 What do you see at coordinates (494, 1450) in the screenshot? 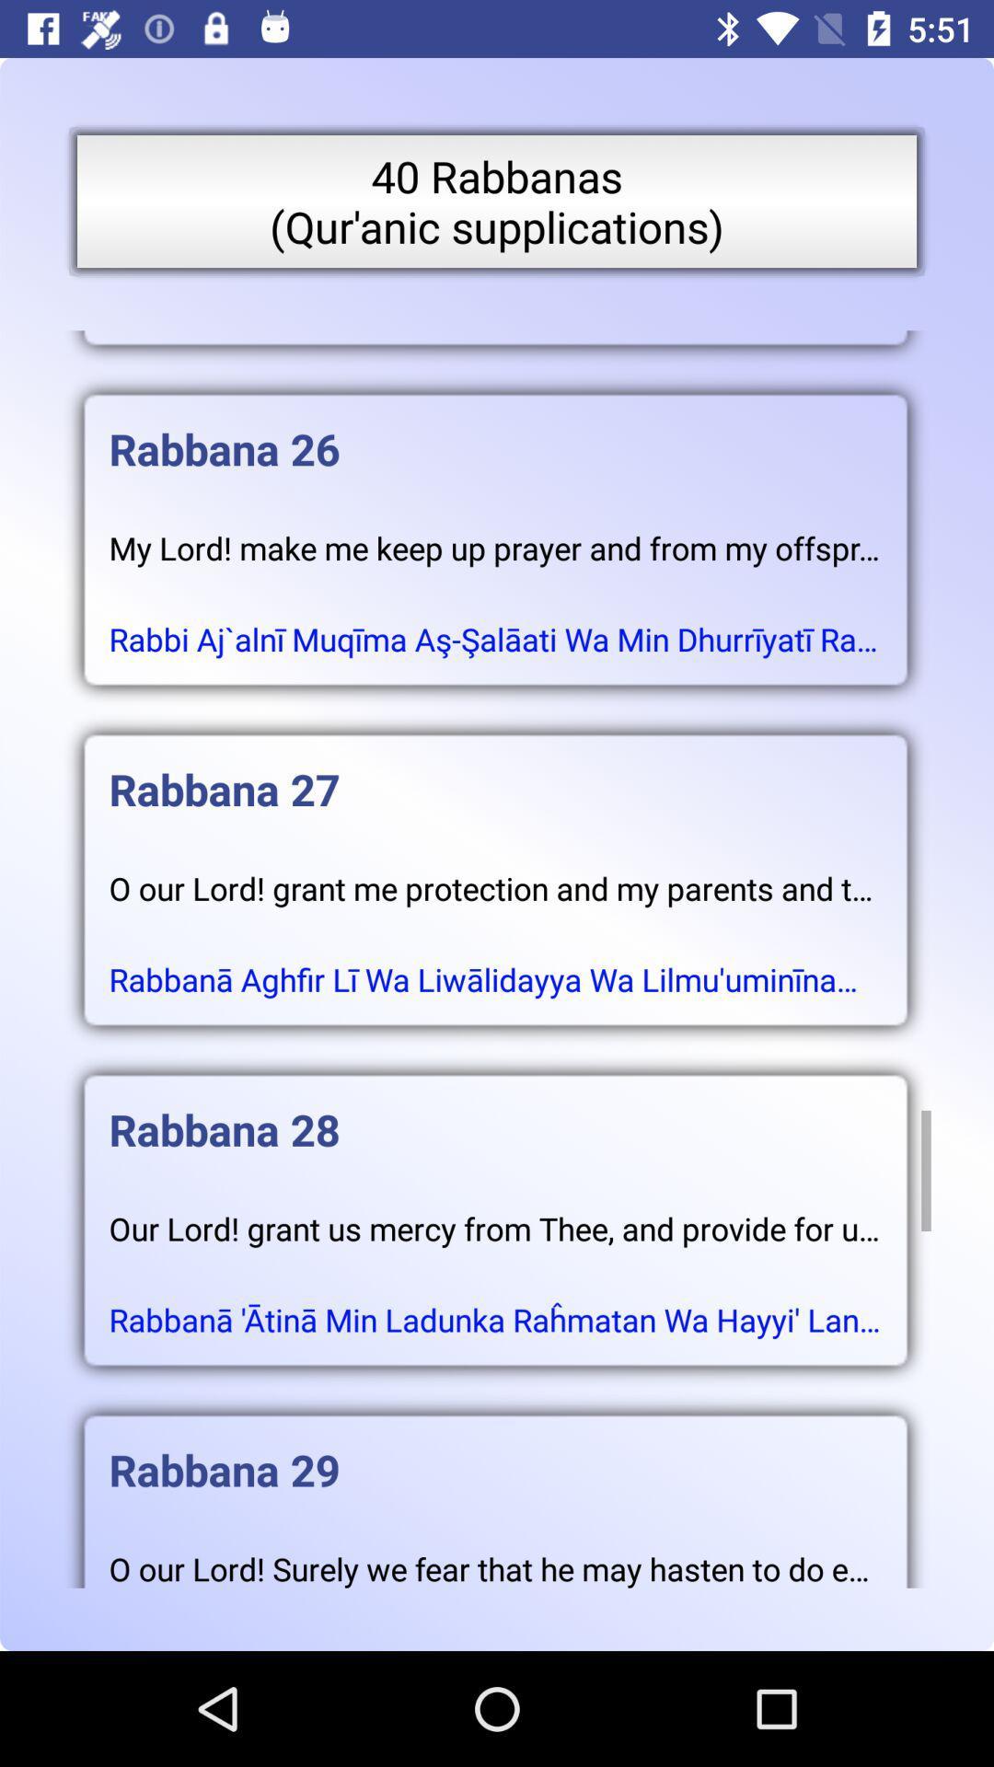
I see `the icon above o our lord icon` at bounding box center [494, 1450].